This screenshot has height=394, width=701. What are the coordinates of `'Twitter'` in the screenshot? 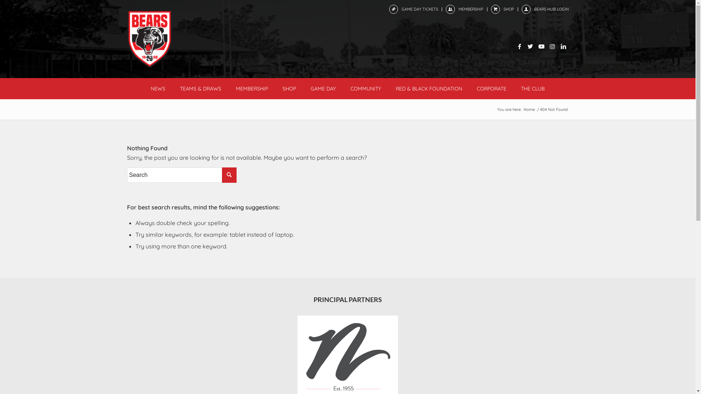 It's located at (525, 46).